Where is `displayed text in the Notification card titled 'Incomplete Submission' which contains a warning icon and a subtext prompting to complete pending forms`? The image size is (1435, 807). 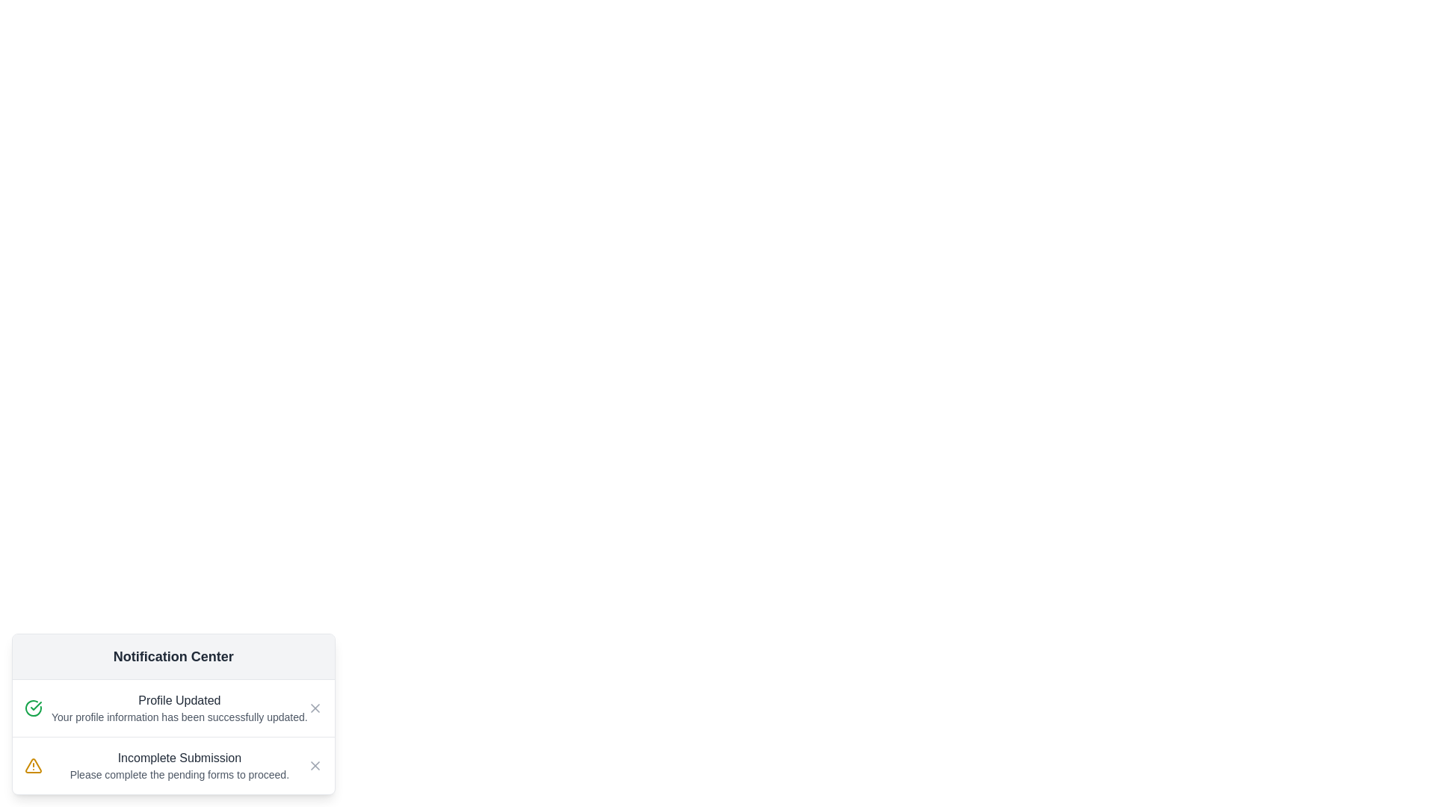
displayed text in the Notification card titled 'Incomplete Submission' which contains a warning icon and a subtext prompting to complete pending forms is located at coordinates (173, 765).